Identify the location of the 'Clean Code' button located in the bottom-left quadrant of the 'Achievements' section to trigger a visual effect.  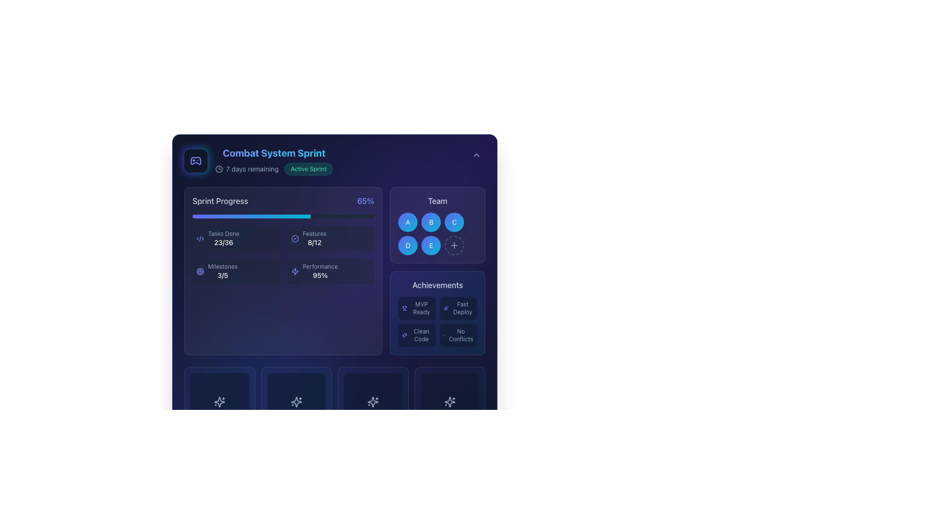
(417, 335).